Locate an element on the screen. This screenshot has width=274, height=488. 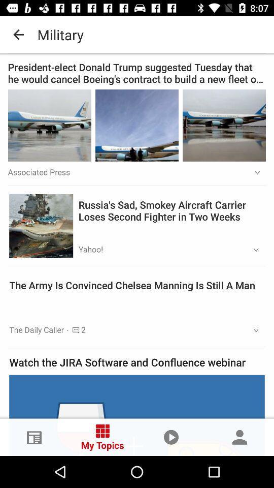
the item next to 2 item is located at coordinates (252, 330).